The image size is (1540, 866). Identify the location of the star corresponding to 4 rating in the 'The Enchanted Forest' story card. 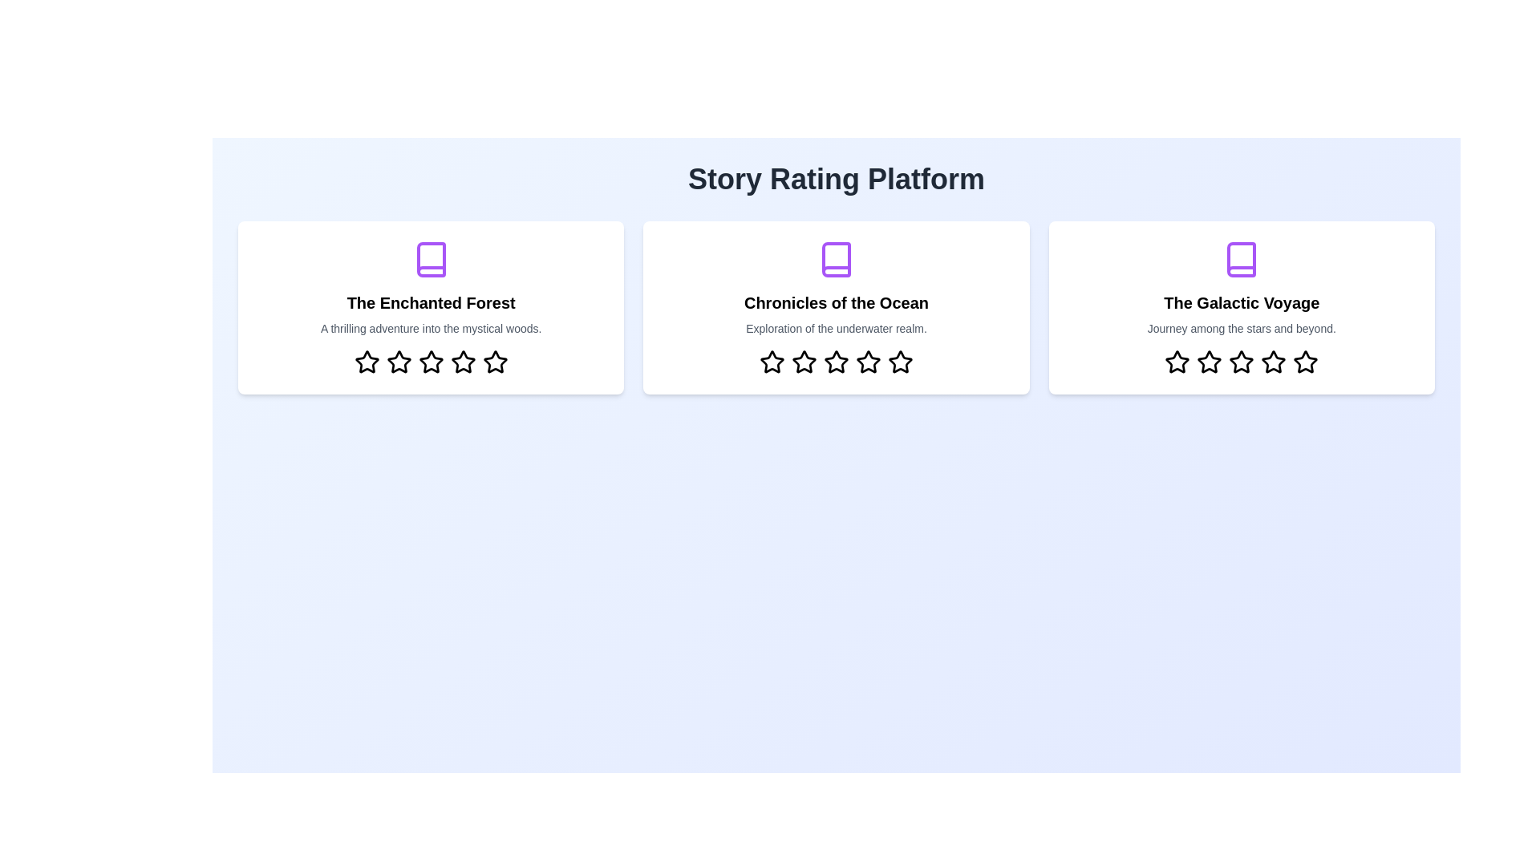
(462, 362).